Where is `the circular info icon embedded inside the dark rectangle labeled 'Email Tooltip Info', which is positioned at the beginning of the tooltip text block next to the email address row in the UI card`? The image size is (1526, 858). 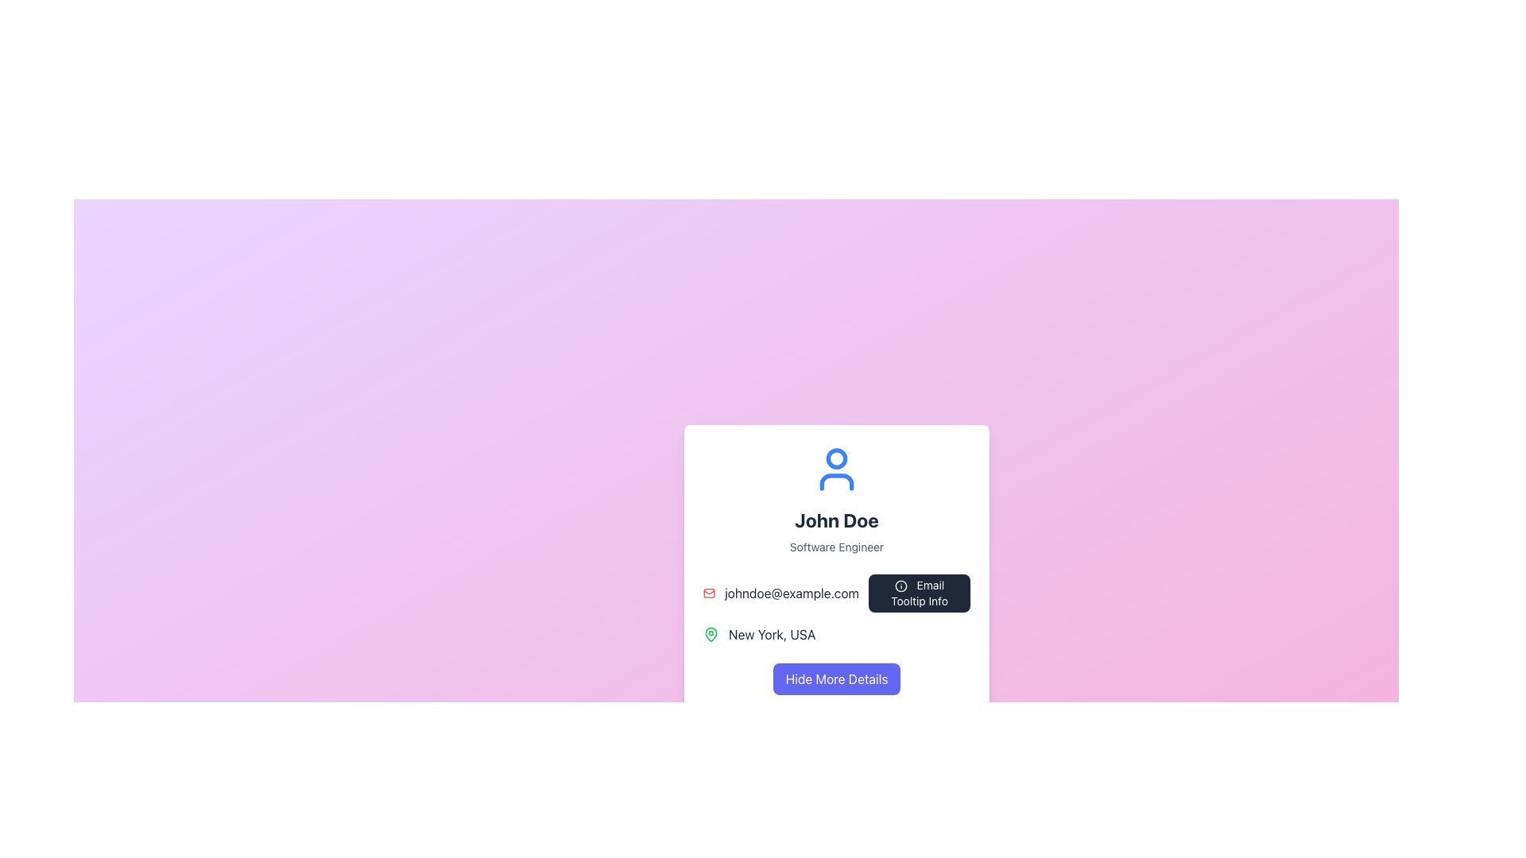 the circular info icon embedded inside the dark rectangle labeled 'Email Tooltip Info', which is positioned at the beginning of the tooltip text block next to the email address row in the UI card is located at coordinates (900, 586).